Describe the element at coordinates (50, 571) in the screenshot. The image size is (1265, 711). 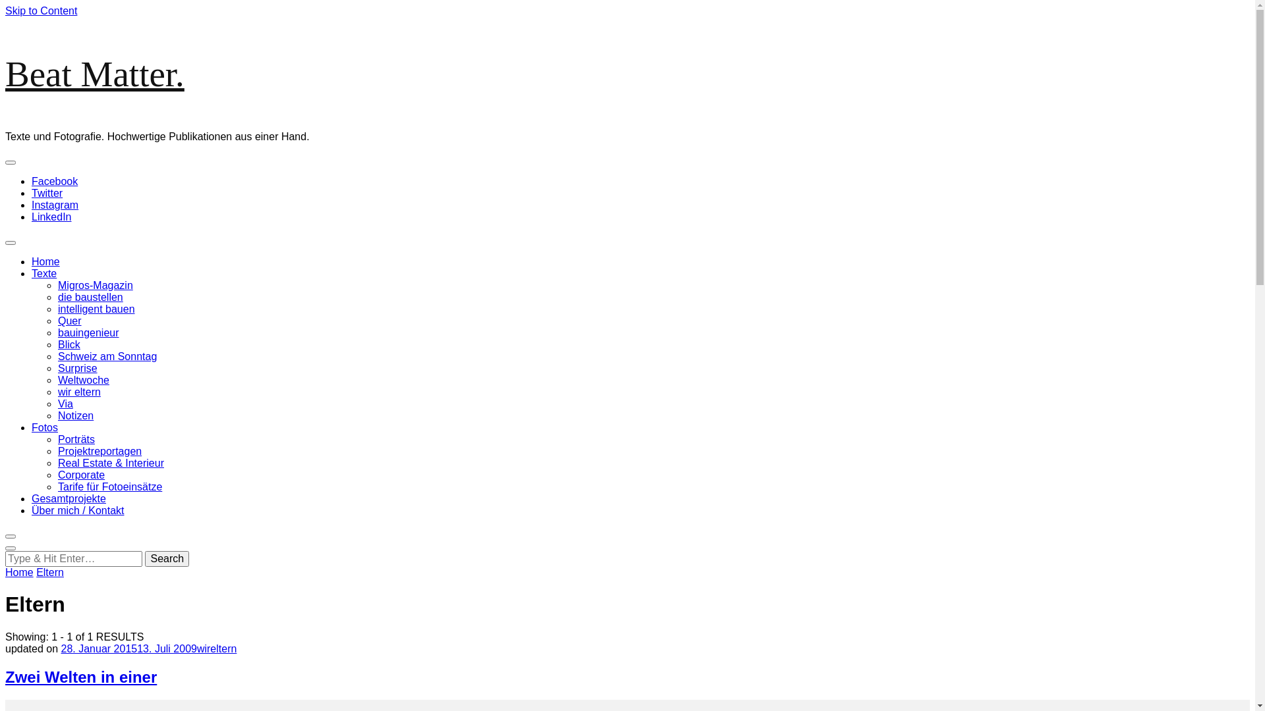
I see `'Eltern'` at that location.